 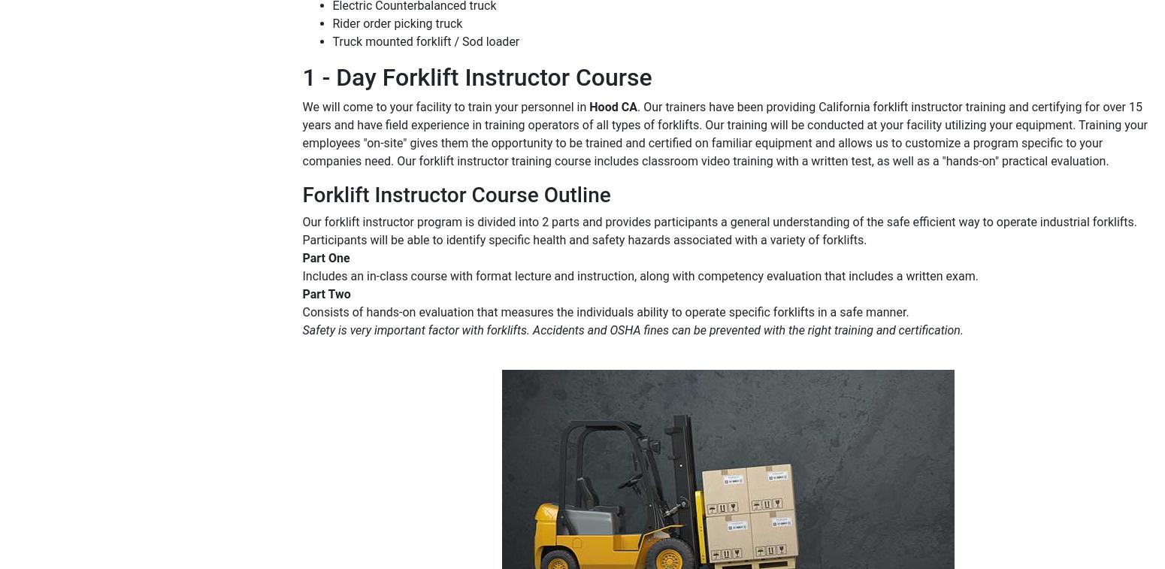 What do you see at coordinates (302, 257) in the screenshot?
I see `'Part One'` at bounding box center [302, 257].